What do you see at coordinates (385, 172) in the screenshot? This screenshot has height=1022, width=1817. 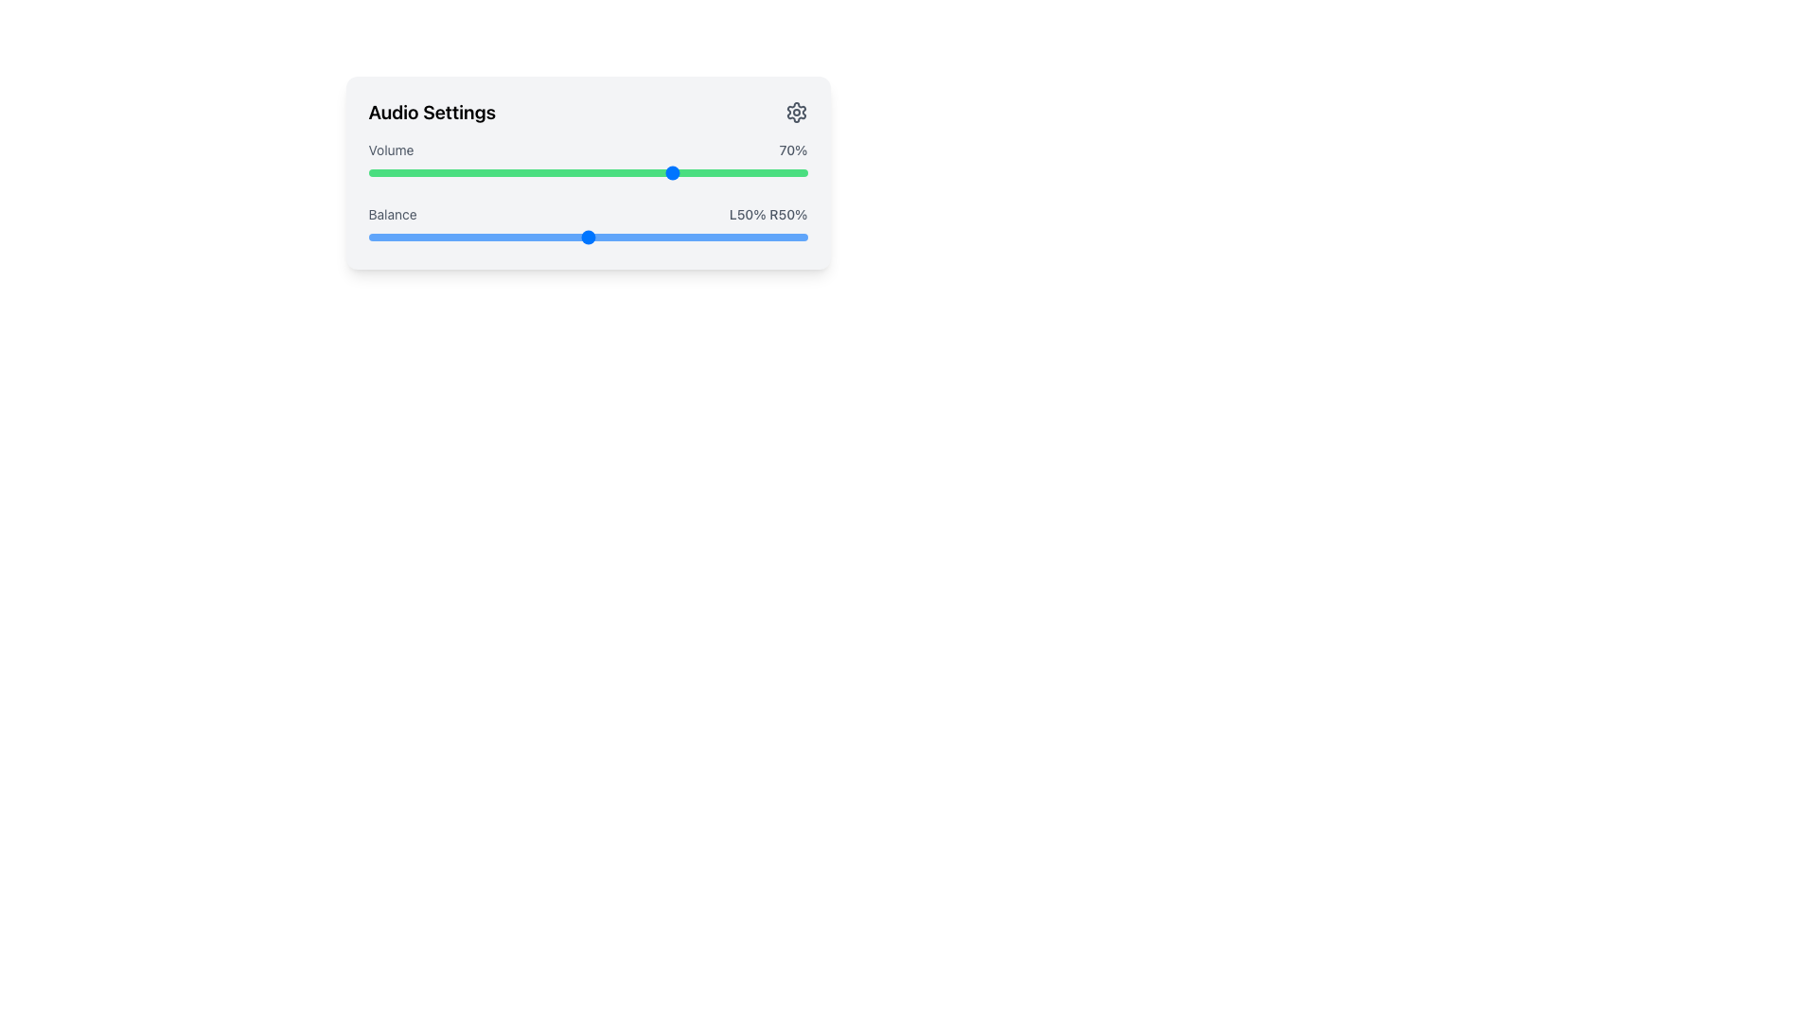 I see `the volume level` at bounding box center [385, 172].